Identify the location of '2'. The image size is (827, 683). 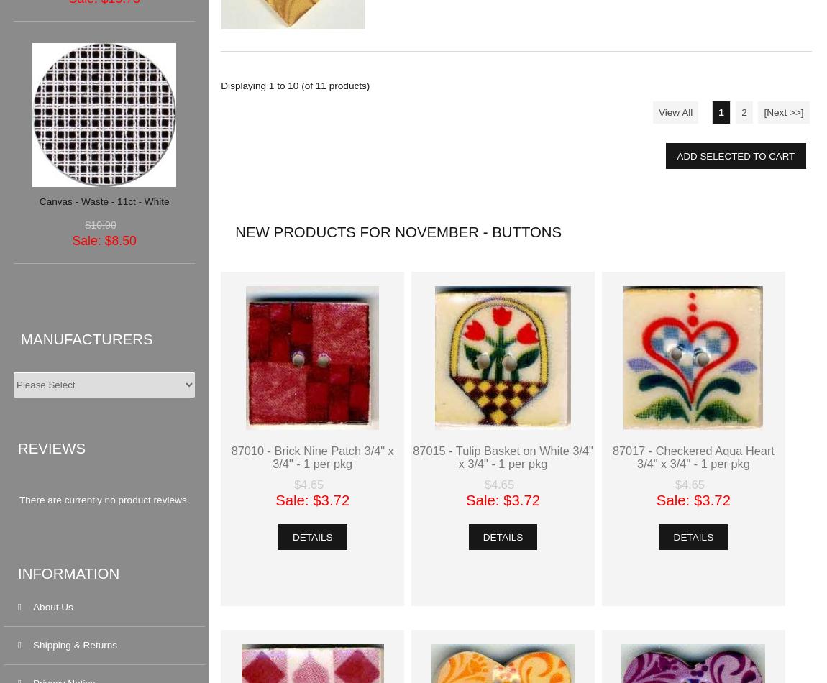
(744, 111).